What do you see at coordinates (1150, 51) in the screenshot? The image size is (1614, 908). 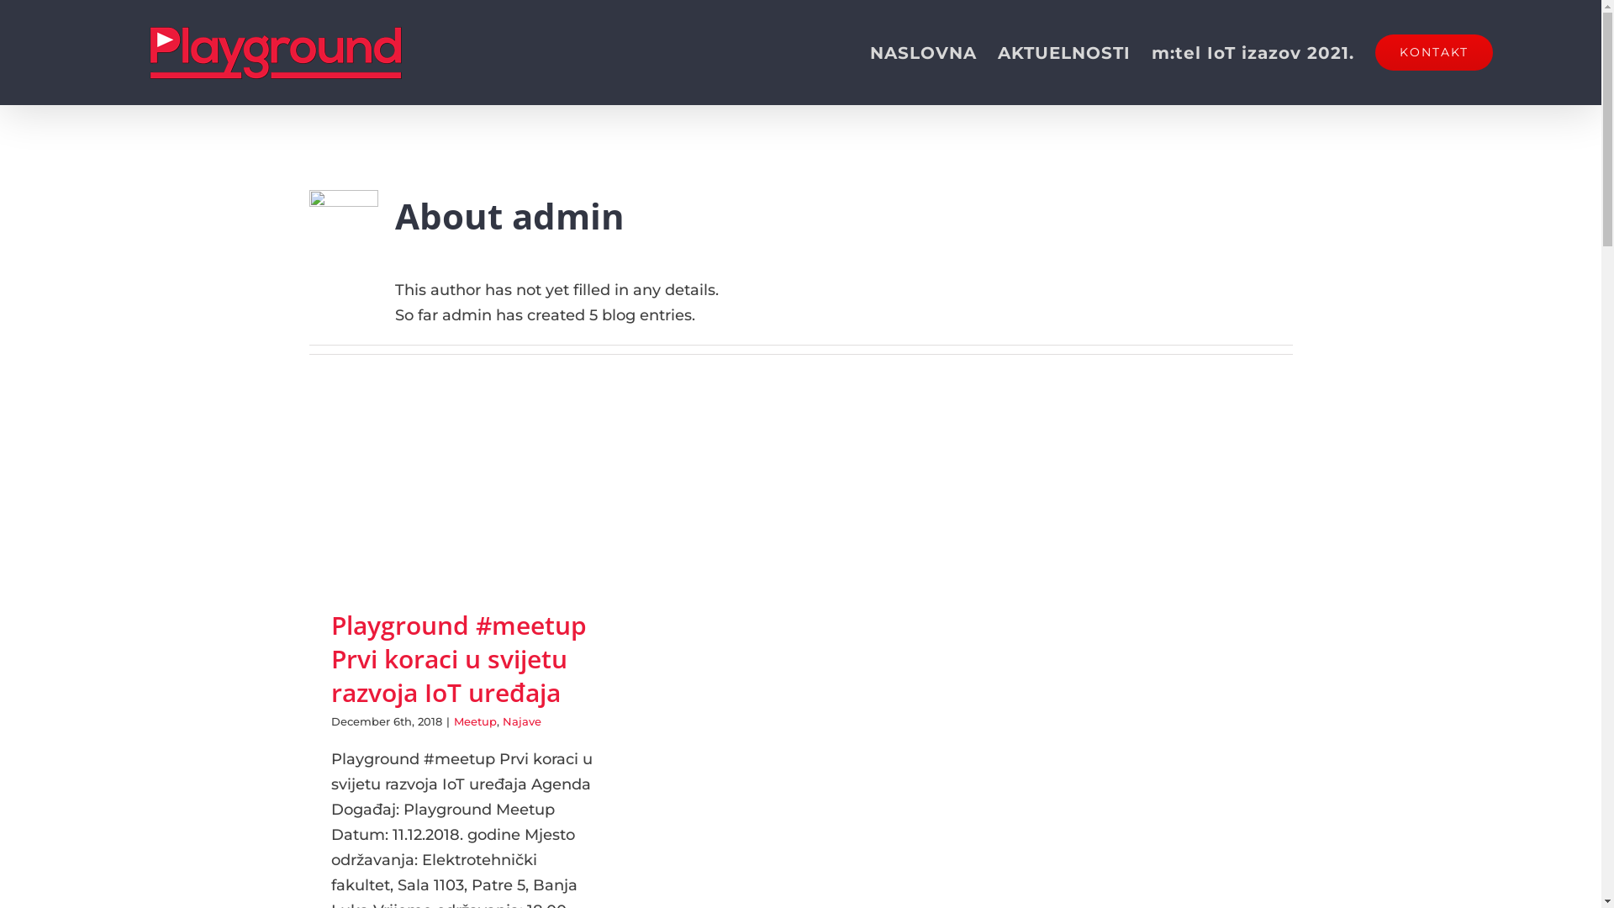 I see `'m:tel IoT izazov 2021.'` at bounding box center [1150, 51].